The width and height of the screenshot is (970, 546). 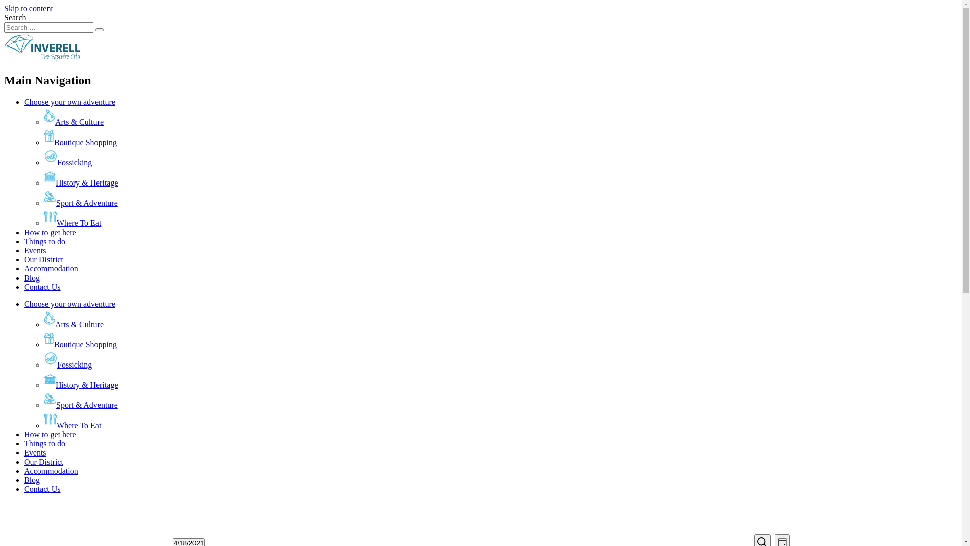 I want to click on 'Fossicking', so click(x=67, y=162).